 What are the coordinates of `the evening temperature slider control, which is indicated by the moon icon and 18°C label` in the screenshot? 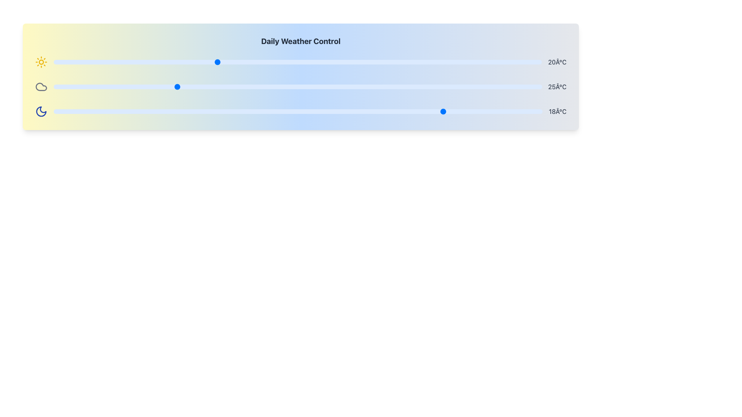 It's located at (300, 112).